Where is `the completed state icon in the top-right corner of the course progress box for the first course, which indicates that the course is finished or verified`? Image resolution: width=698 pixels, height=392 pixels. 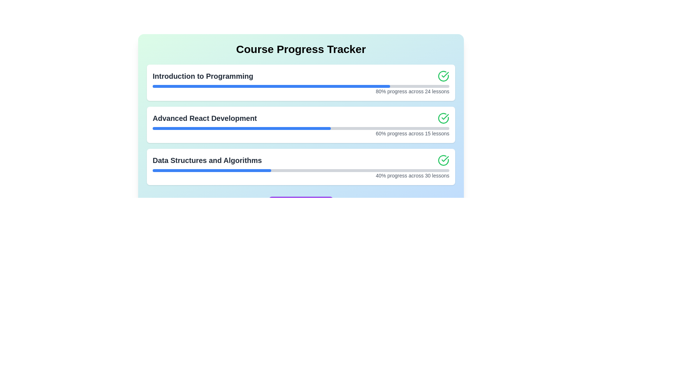 the completed state icon in the top-right corner of the course progress box for the first course, which indicates that the course is finished or verified is located at coordinates (445, 159).